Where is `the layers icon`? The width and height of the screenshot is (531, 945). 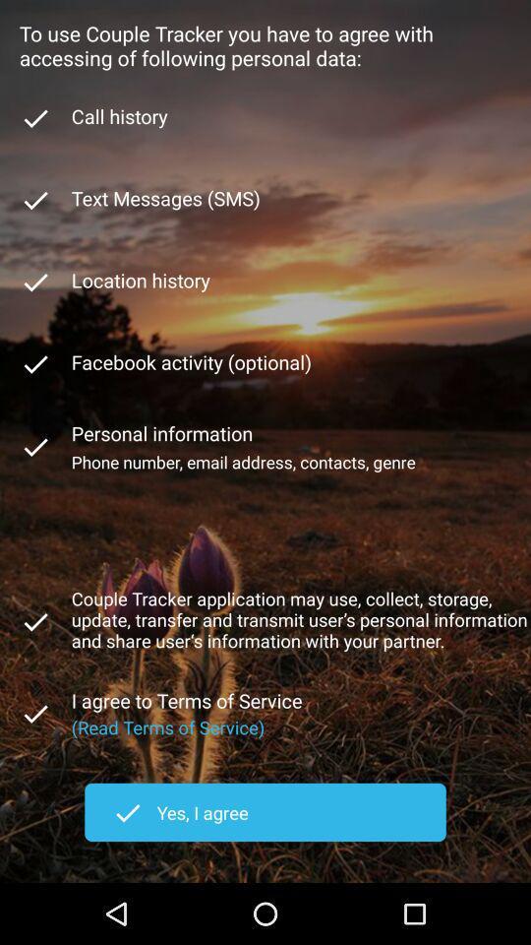
the layers icon is located at coordinates (35, 665).